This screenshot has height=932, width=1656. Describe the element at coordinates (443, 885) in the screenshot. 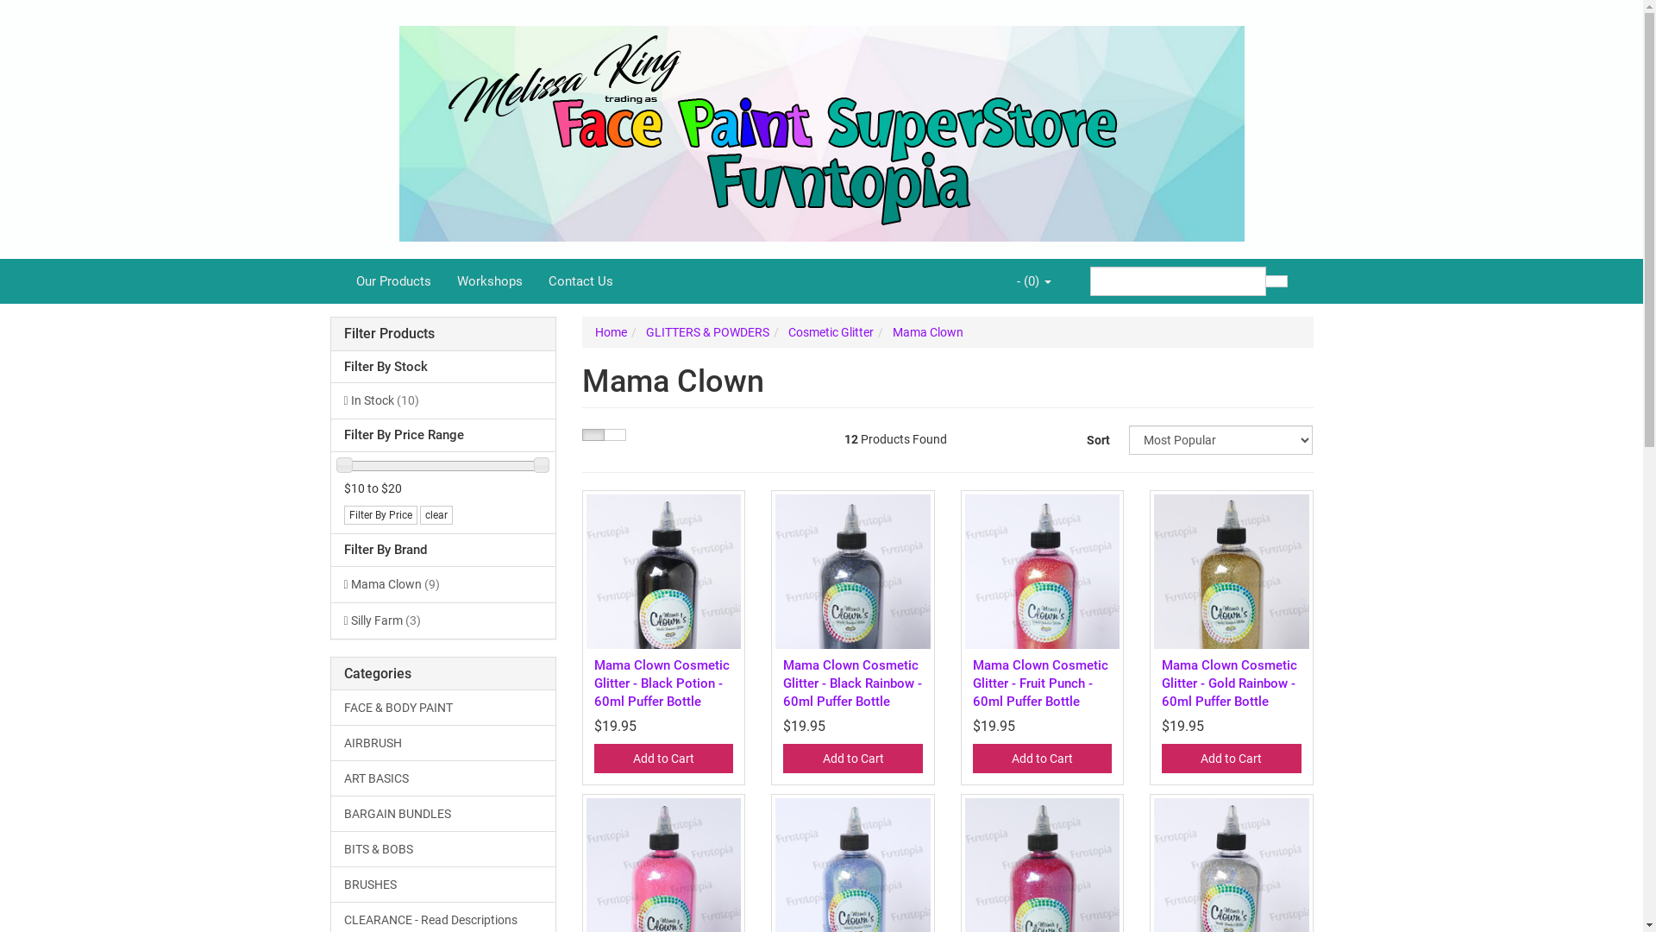

I see `'BRUSHES'` at that location.